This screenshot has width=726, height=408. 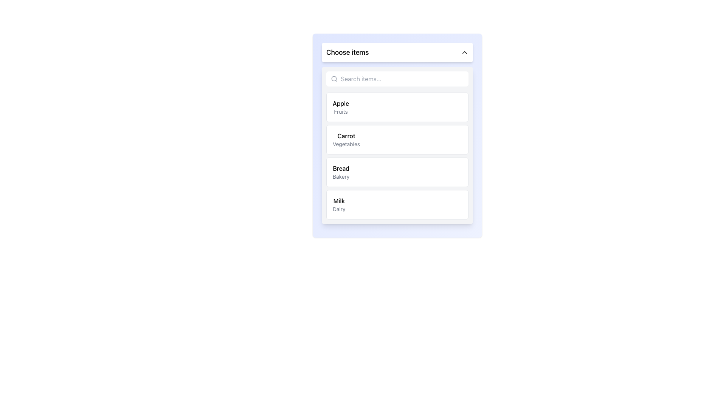 What do you see at coordinates (464, 52) in the screenshot?
I see `the upward-pointing arrow button located at the top-right corner of the 'Choose items' header bar` at bounding box center [464, 52].